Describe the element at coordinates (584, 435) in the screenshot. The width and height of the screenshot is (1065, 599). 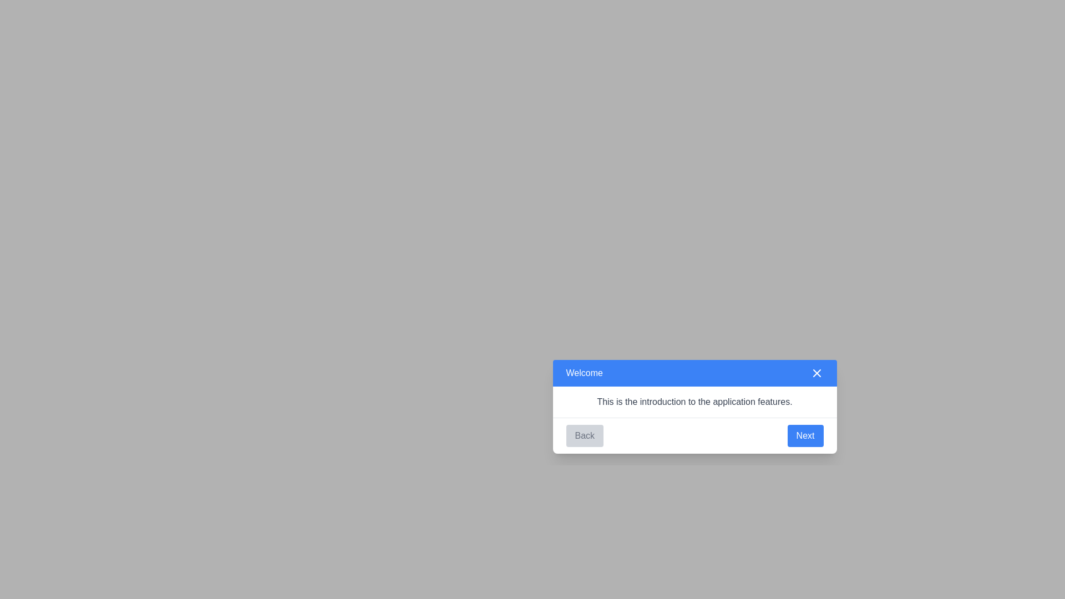
I see `the navigation button located at the bottom-left of the dialog box to go back to the previous step or page` at that location.